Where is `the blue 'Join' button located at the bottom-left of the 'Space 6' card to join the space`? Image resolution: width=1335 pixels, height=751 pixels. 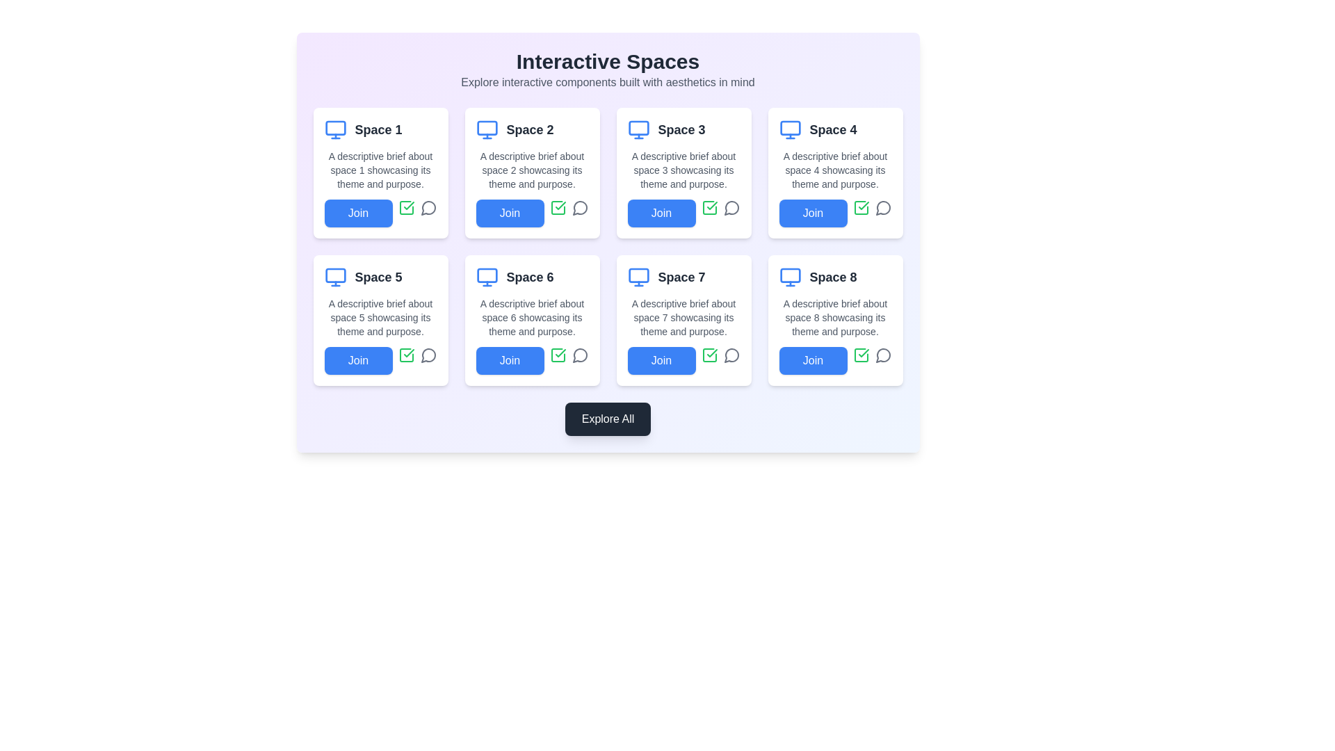 the blue 'Join' button located at the bottom-left of the 'Space 6' card to join the space is located at coordinates (531, 360).